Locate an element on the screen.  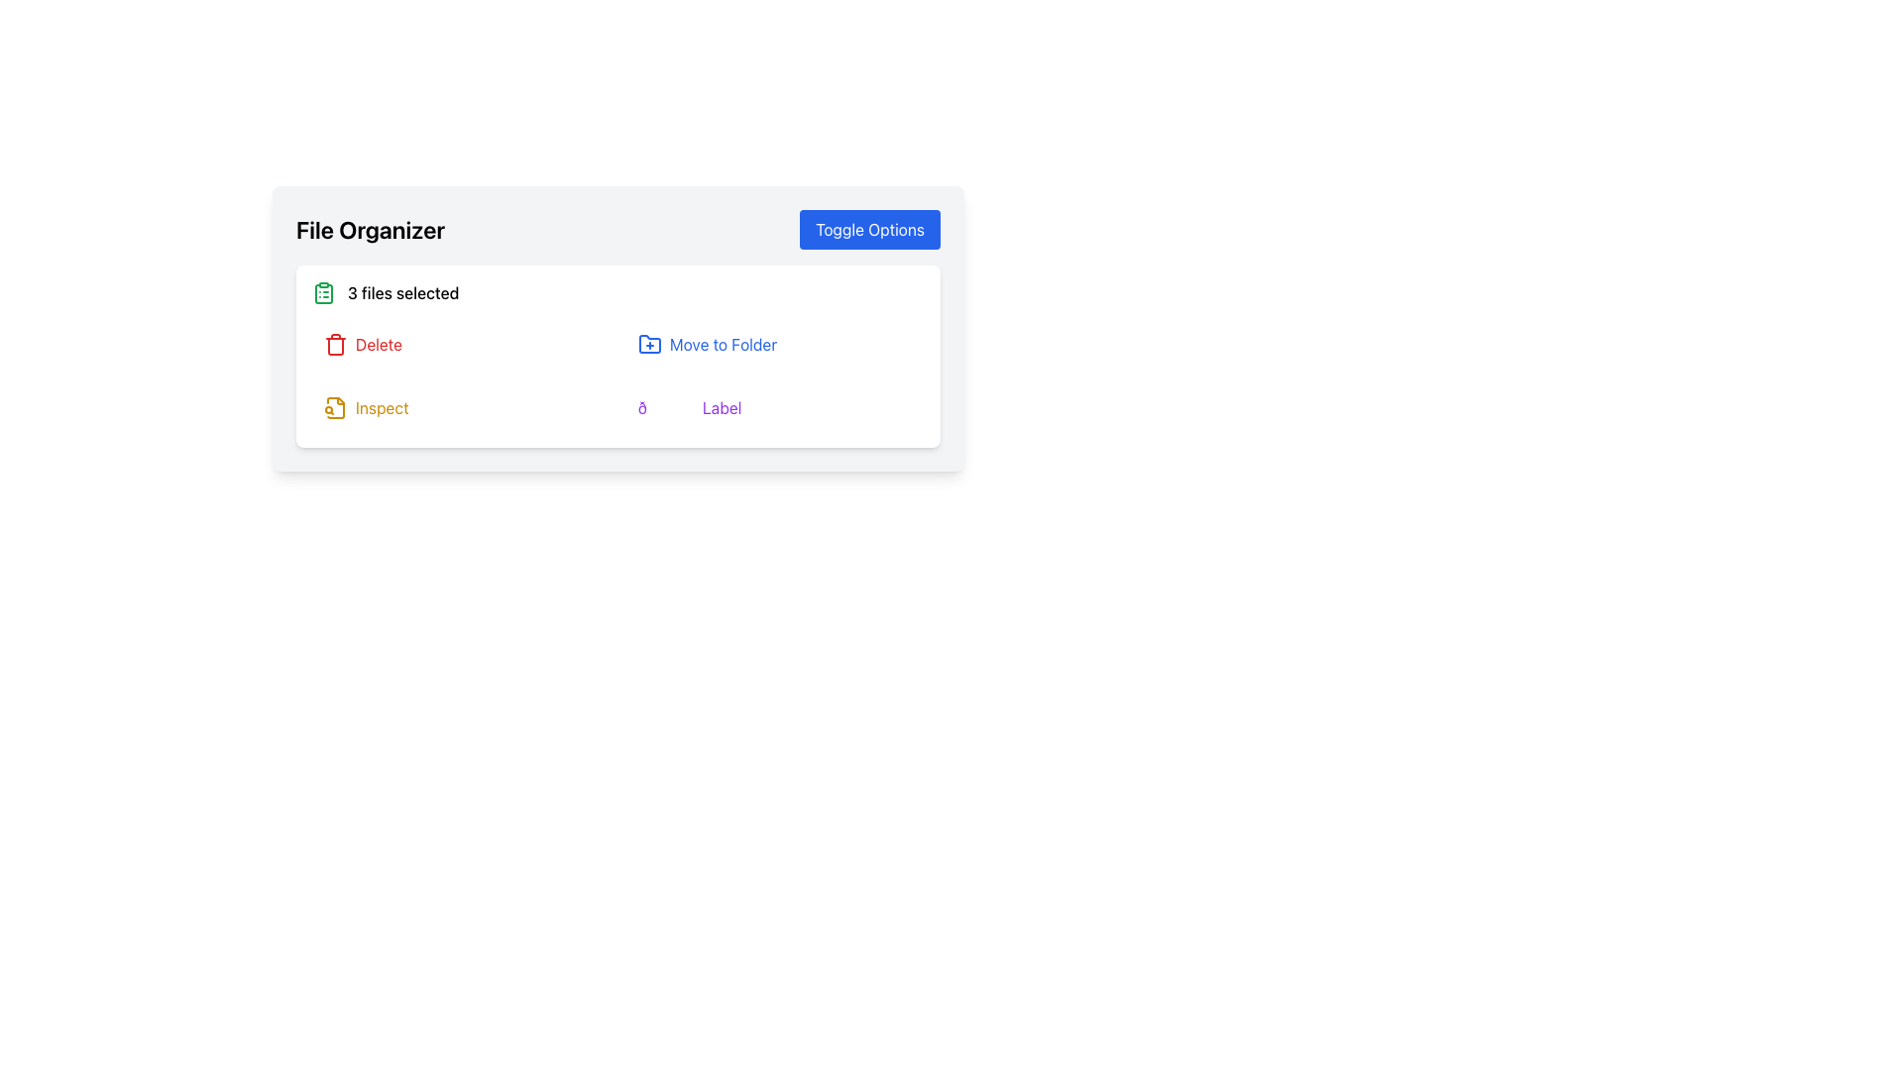
the decorative icon that visually represents selected files, positioned to the left of the text '3 files selected' is located at coordinates (323, 293).